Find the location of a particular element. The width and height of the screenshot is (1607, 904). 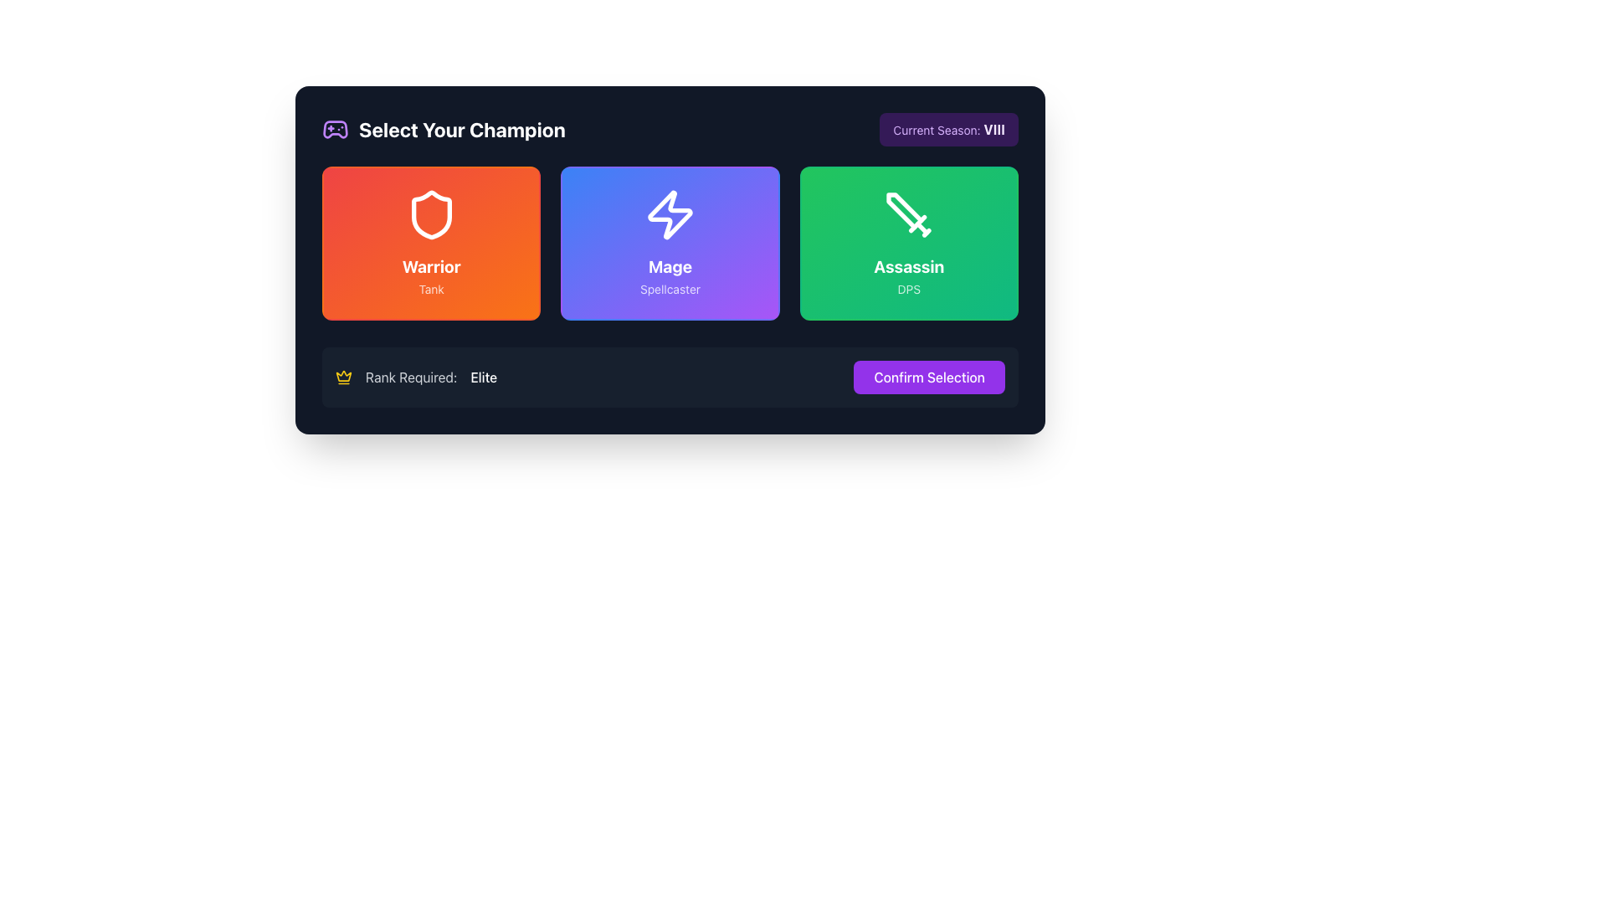

the 'Warrior' selectable card for keyboard navigation in the game interface is located at coordinates (431, 243).